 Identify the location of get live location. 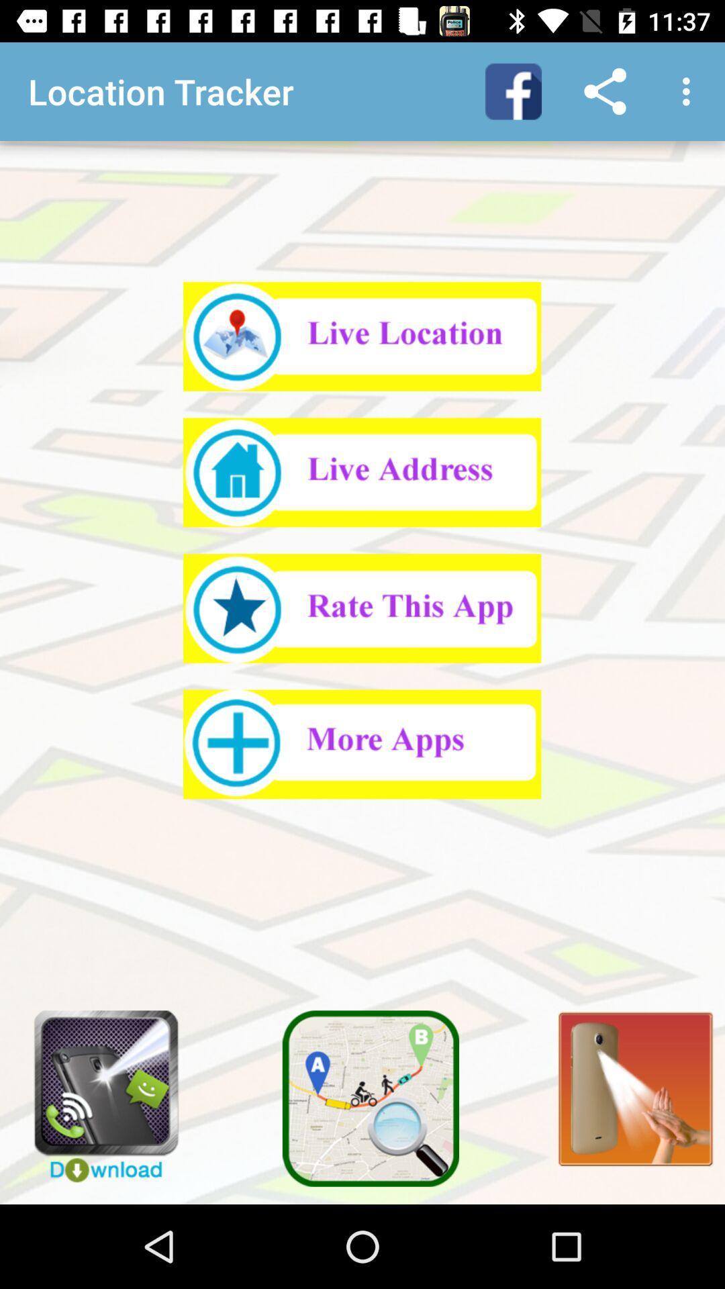
(361, 336).